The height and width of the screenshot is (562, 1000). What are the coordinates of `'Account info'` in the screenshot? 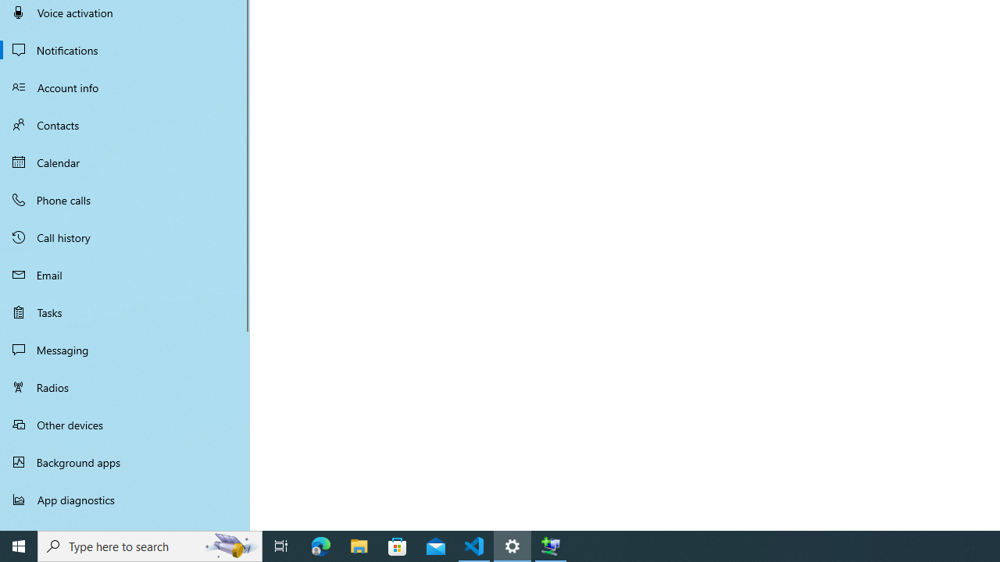 It's located at (125, 87).